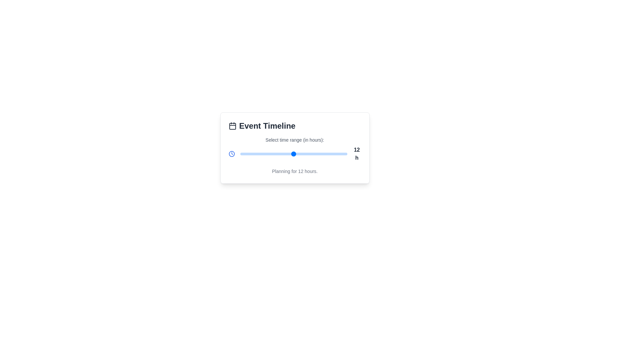  What do you see at coordinates (320, 154) in the screenshot?
I see `the timeline duration` at bounding box center [320, 154].